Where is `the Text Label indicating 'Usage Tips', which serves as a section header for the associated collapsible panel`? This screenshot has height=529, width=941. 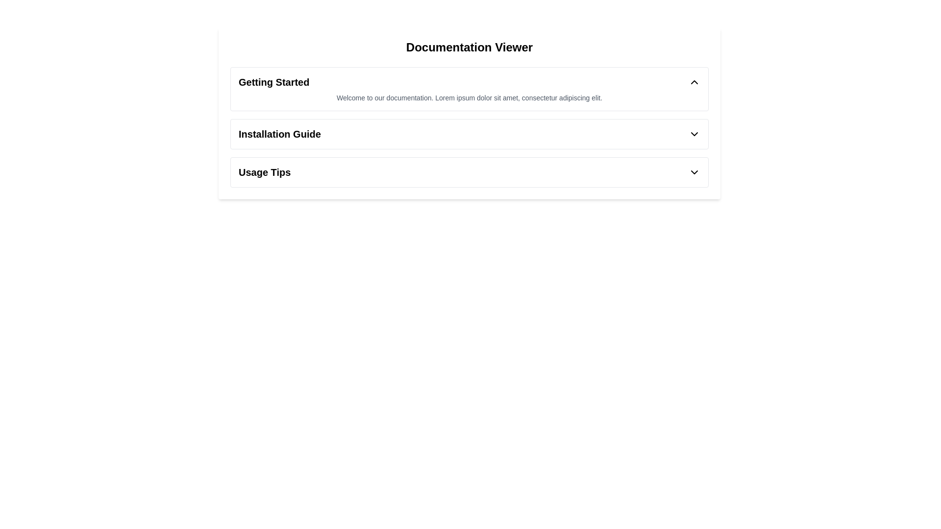
the Text Label indicating 'Usage Tips', which serves as a section header for the associated collapsible panel is located at coordinates (265, 171).